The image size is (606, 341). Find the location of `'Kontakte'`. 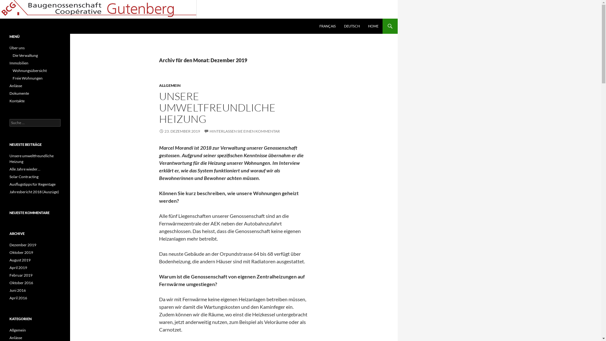

'Kontakte' is located at coordinates (17, 100).